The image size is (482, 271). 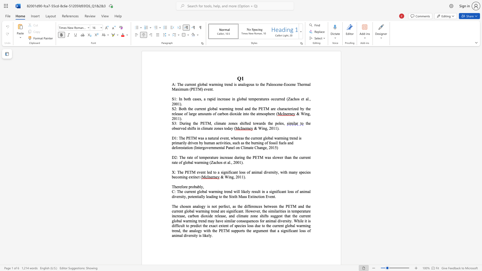 I want to click on the 4th character "e" in the text, so click(x=212, y=128).